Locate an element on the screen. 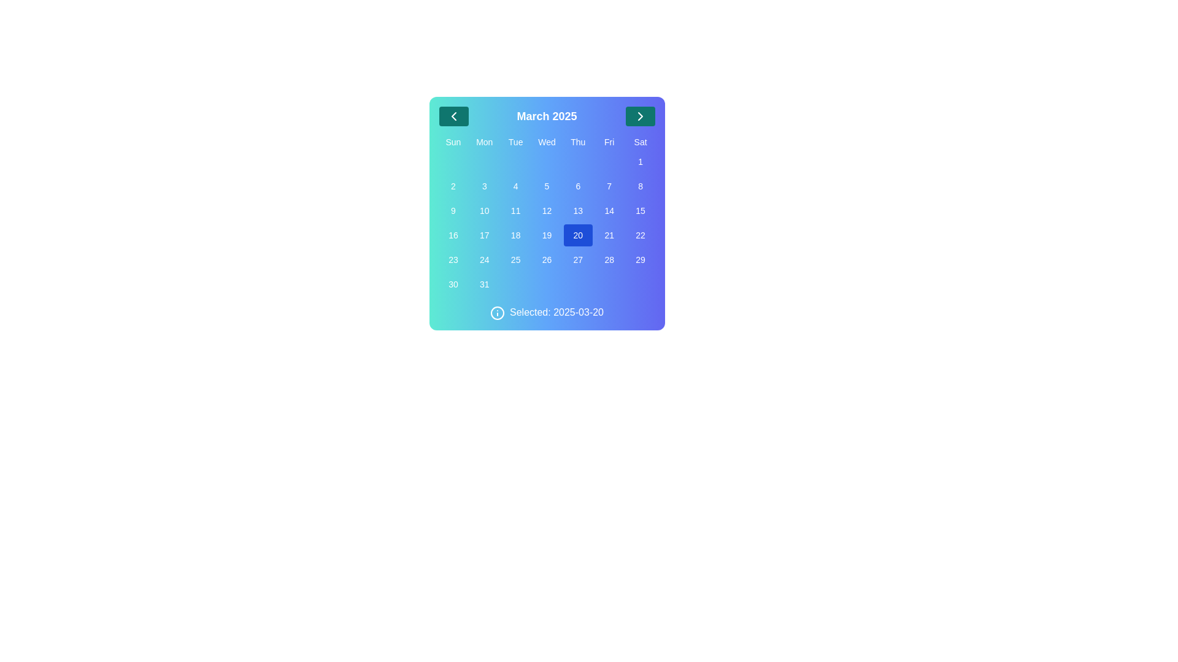 The height and width of the screenshot is (662, 1178). the interactive day selector button for the date '10' located in the fourth row and second column of the calendar grid below 'Mon' to change its appearance is located at coordinates (483, 210).